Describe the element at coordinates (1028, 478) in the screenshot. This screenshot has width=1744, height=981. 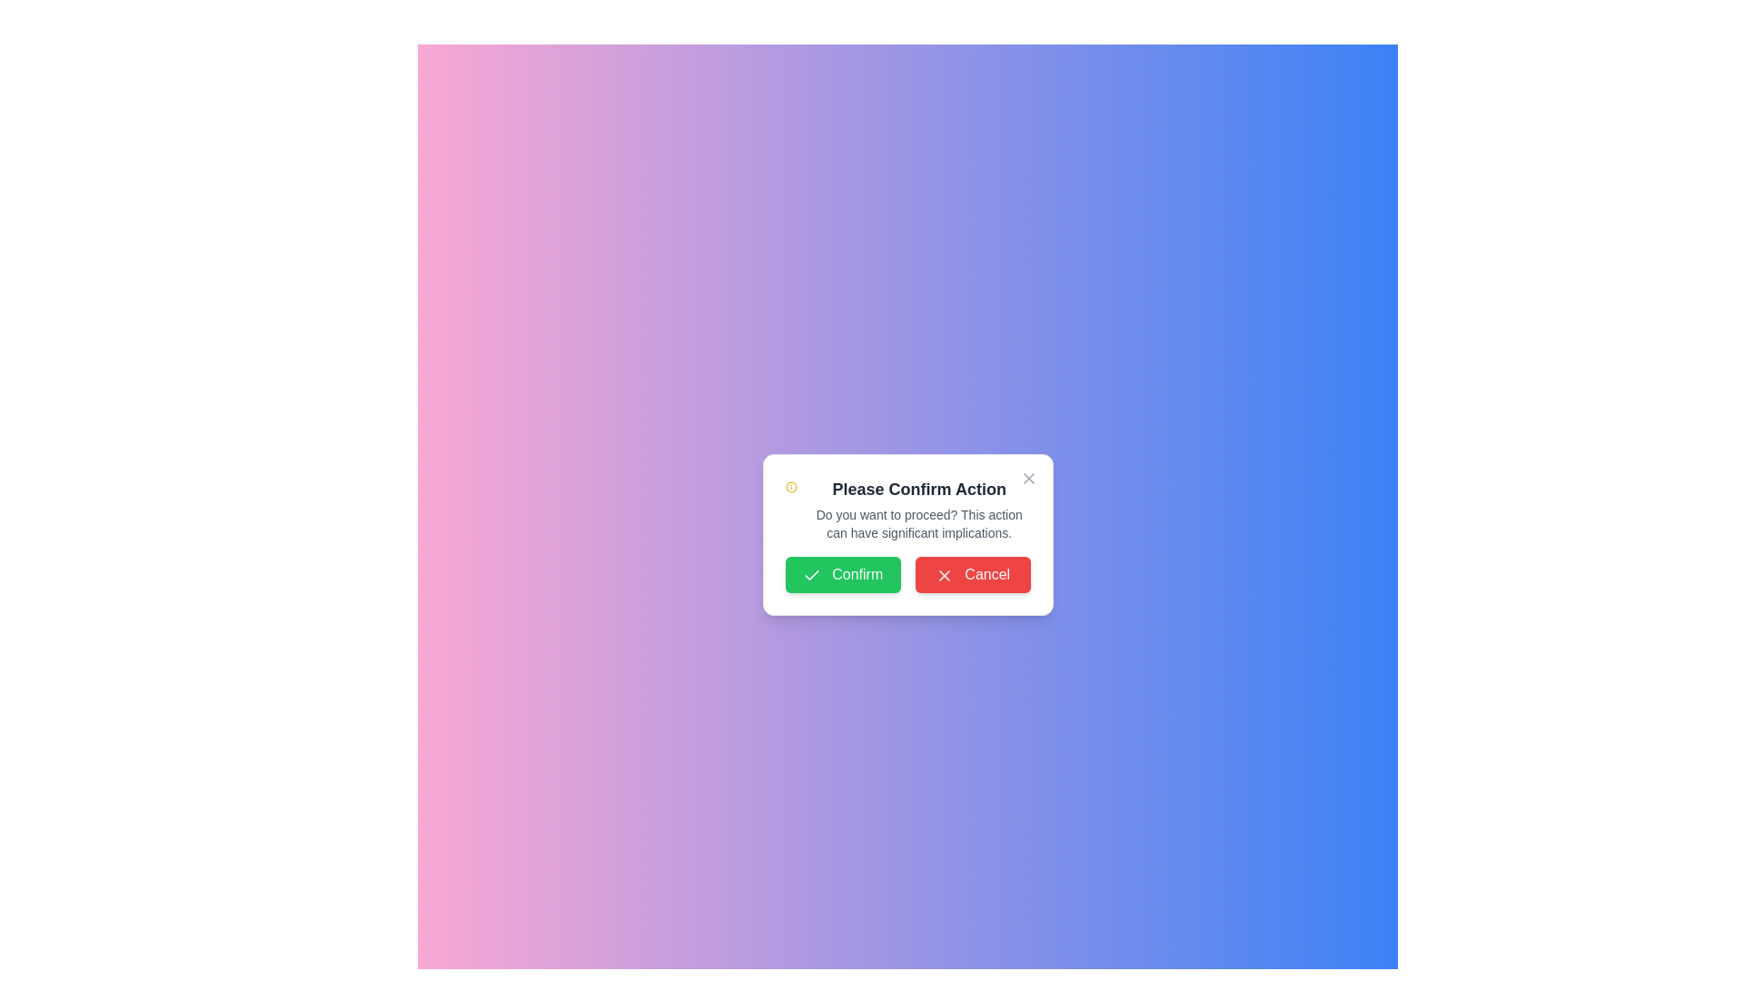
I see `the 'X' icon in the top-right corner of the modal dialog box` at that location.